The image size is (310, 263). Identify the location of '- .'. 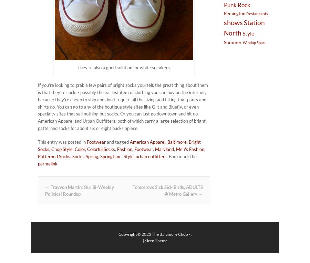
(189, 233).